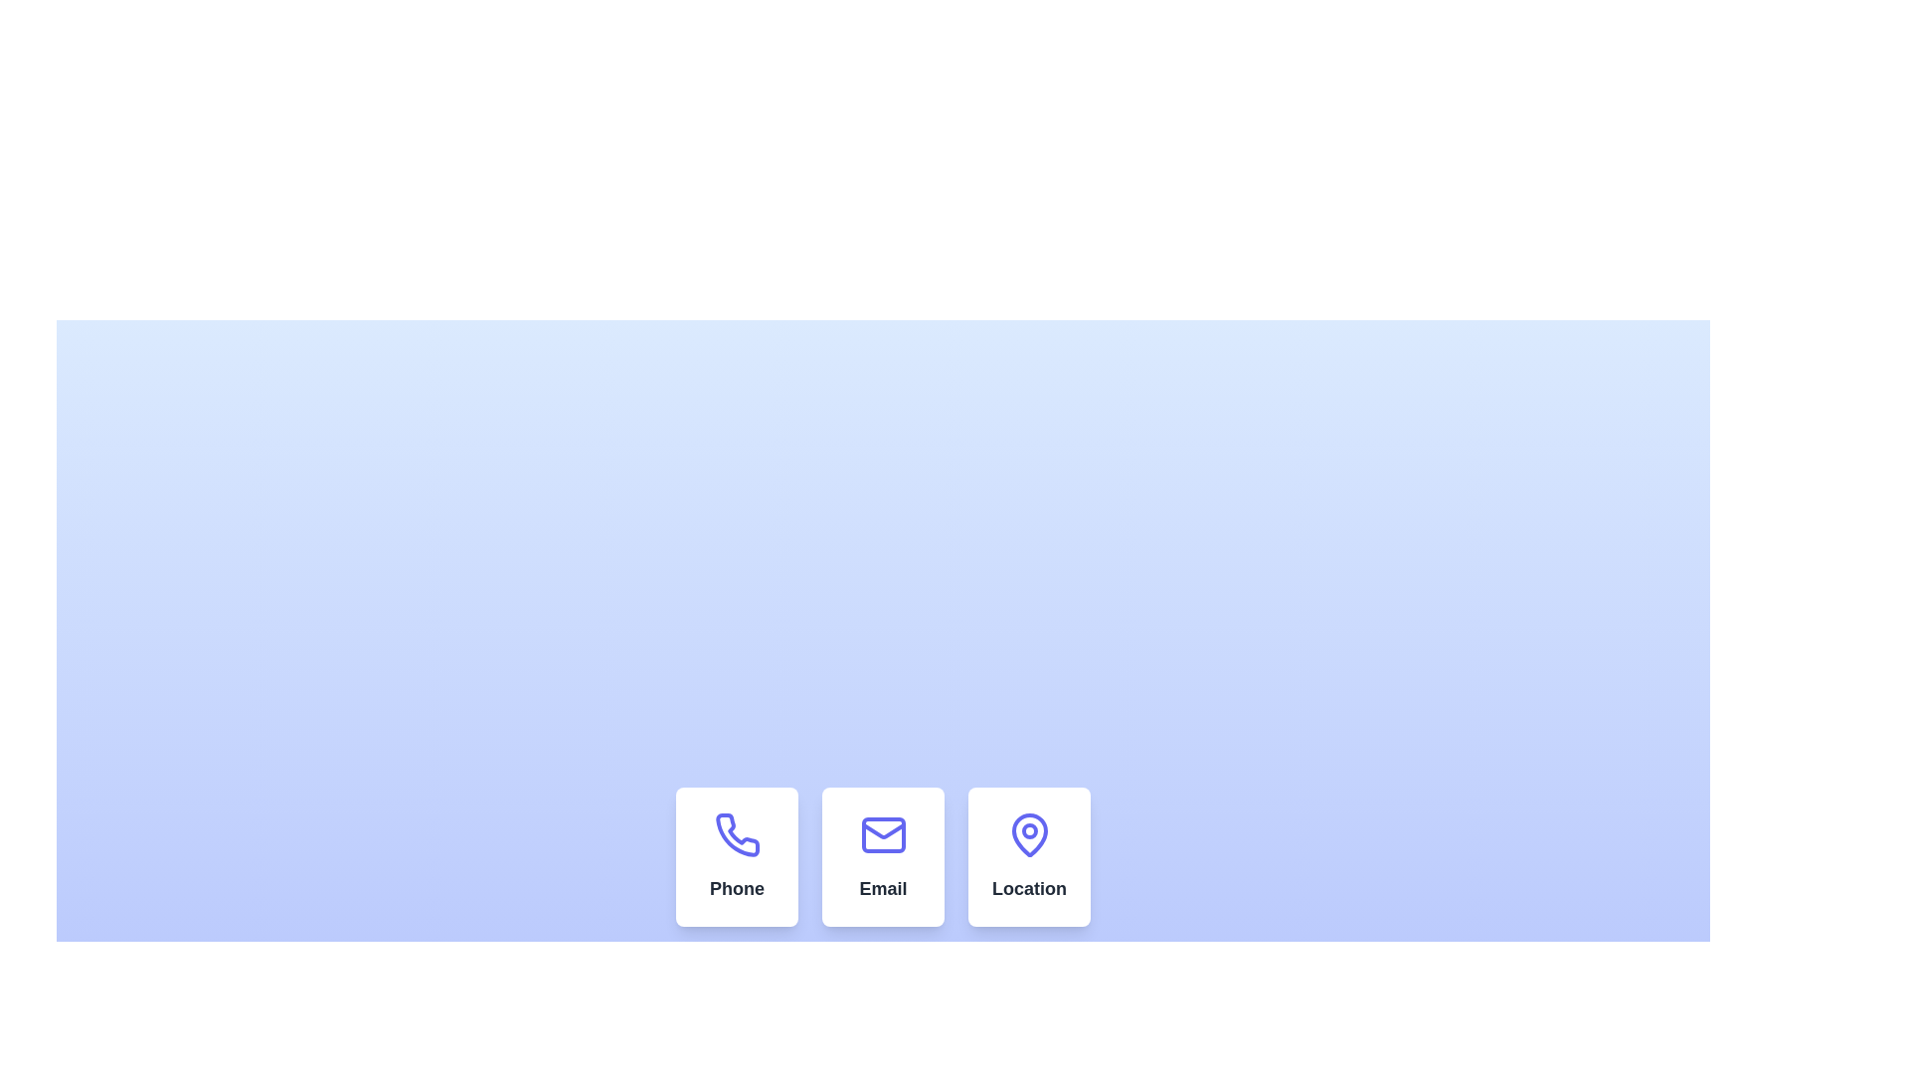 Image resolution: width=1909 pixels, height=1074 pixels. What do you see at coordinates (882, 855) in the screenshot?
I see `the email functionality card located in the middle column of the three-column grid layout, which is near the bottom of the view area` at bounding box center [882, 855].